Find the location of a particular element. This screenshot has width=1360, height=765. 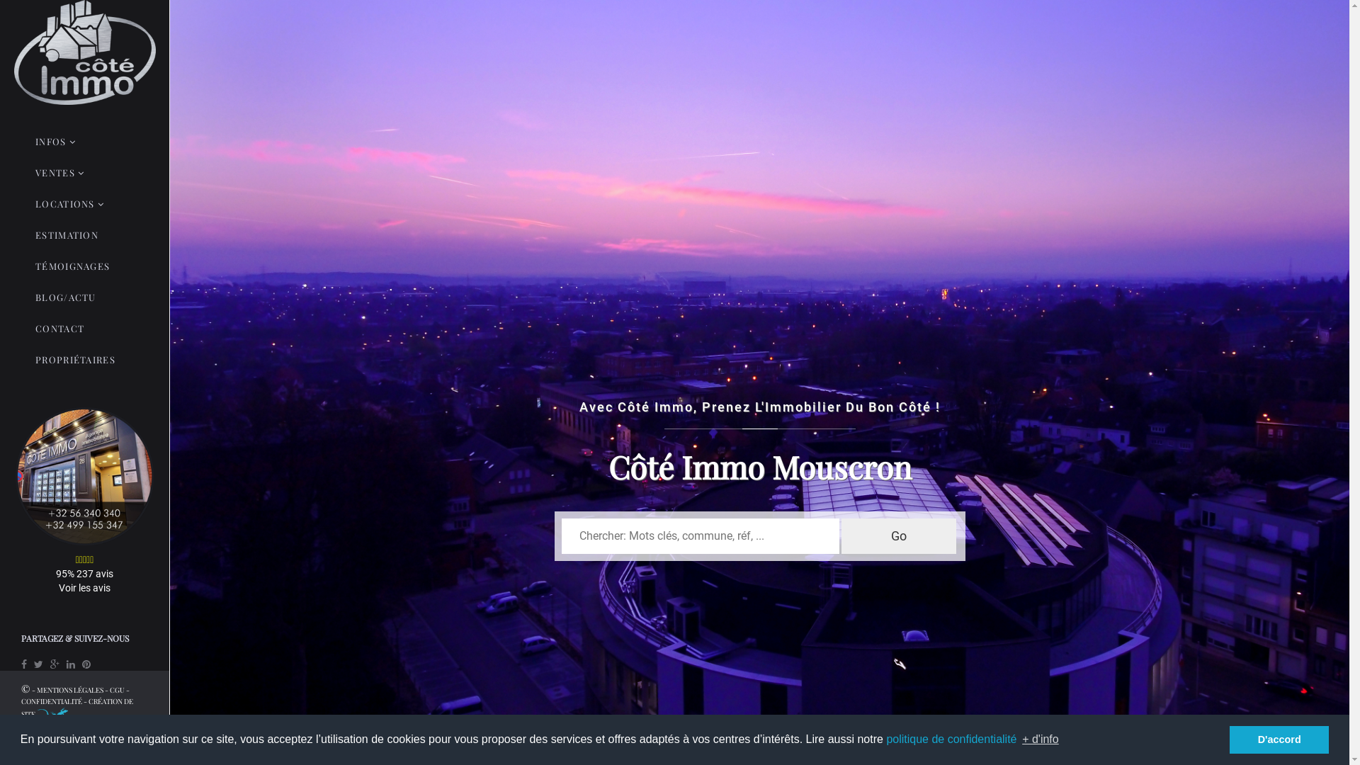

'INFOS' is located at coordinates (55, 141).